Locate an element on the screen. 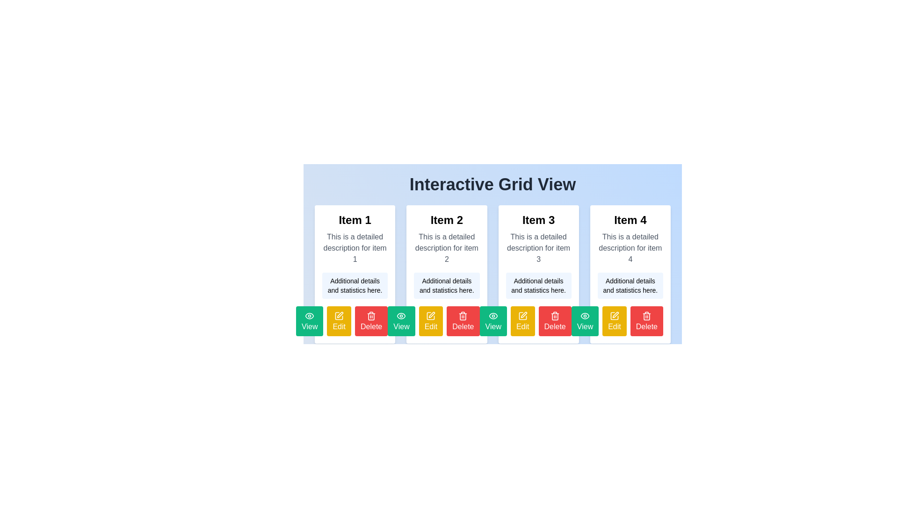 The height and width of the screenshot is (505, 898). the informational text block located in the third card titled 'Item 3', positioned below the description text and above the action buttons is located at coordinates (538, 285).